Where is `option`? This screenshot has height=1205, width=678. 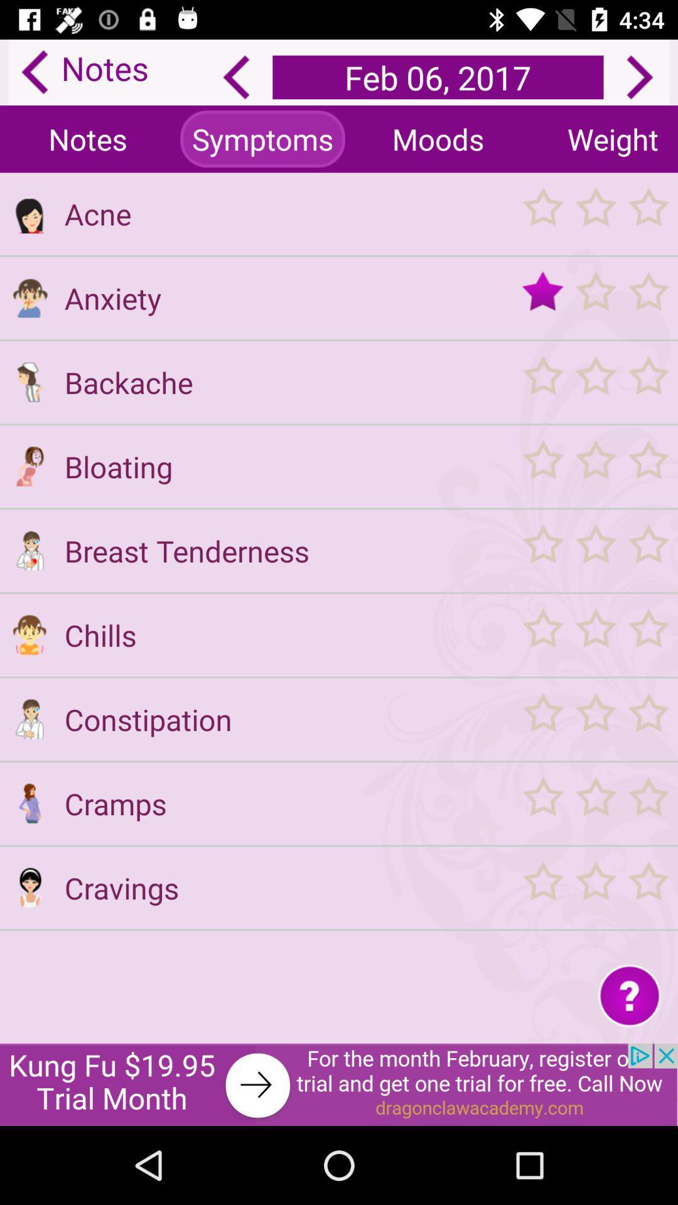 option is located at coordinates (595, 719).